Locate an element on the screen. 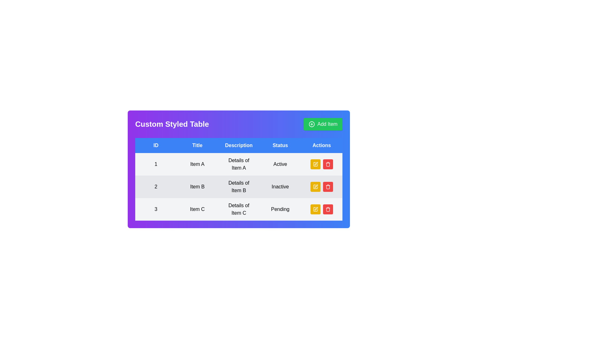  the edit button located in the 'Actions' column of the table for 'Item C' in the third row is located at coordinates (321, 209).